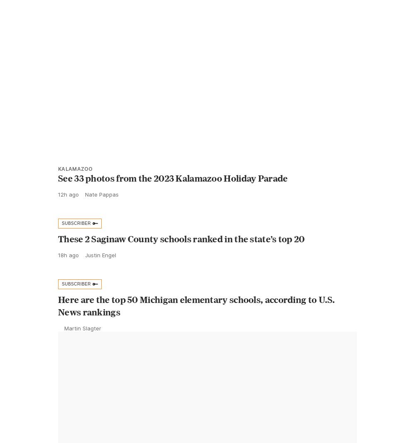 This screenshot has width=415, height=443. What do you see at coordinates (68, 212) in the screenshot?
I see `'12h ago'` at bounding box center [68, 212].